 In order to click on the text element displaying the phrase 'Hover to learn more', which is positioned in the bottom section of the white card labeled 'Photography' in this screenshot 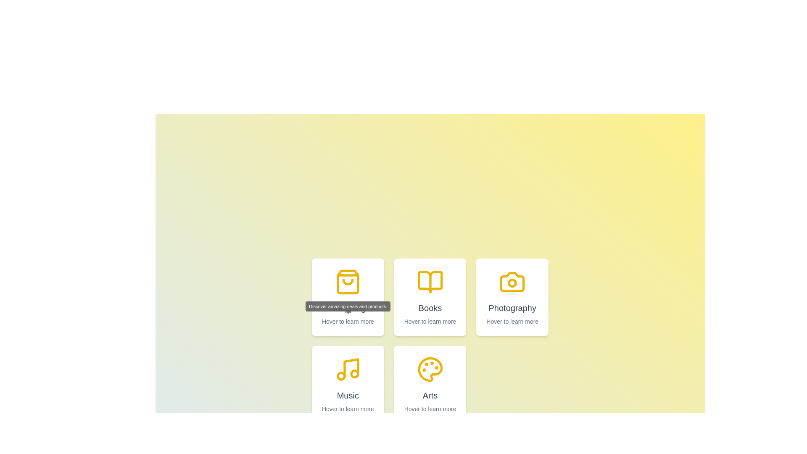, I will do `click(512, 321)`.